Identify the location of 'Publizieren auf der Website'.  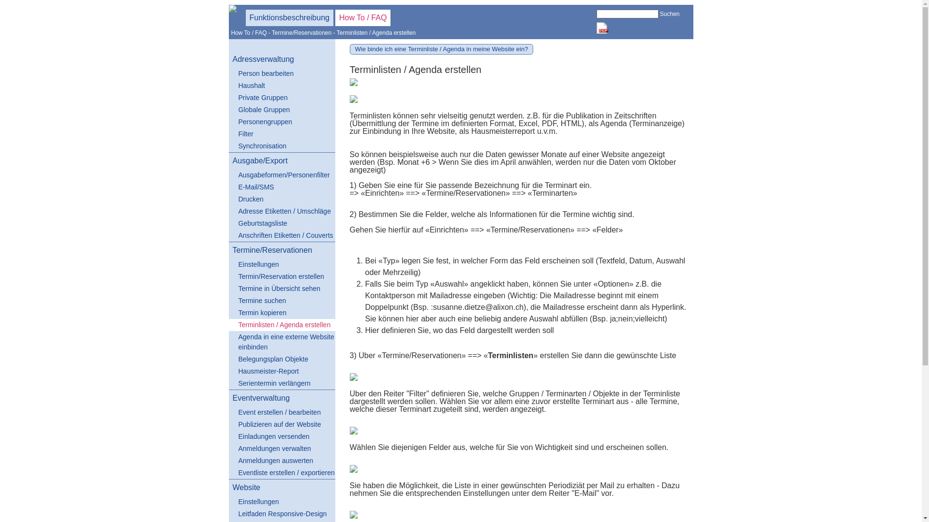
(281, 424).